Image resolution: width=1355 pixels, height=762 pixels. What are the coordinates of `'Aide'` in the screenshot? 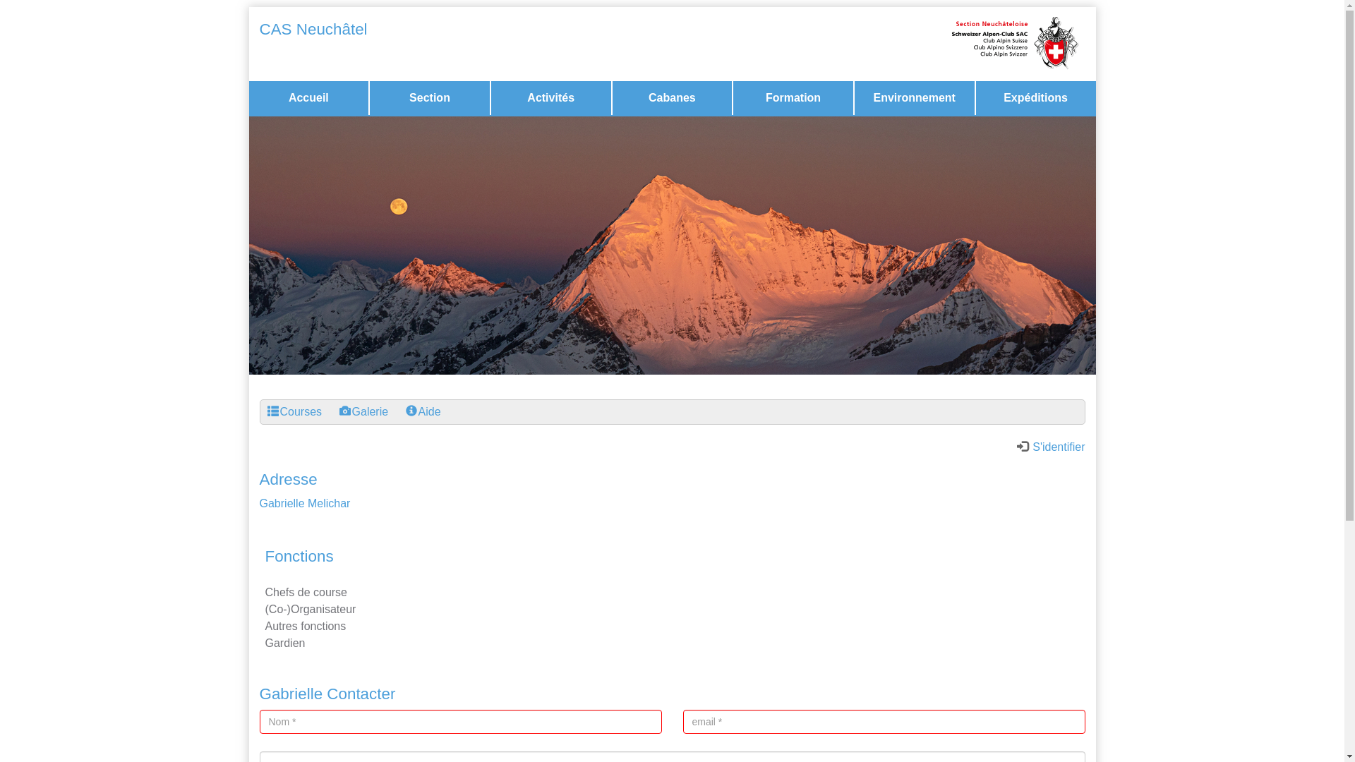 It's located at (423, 411).